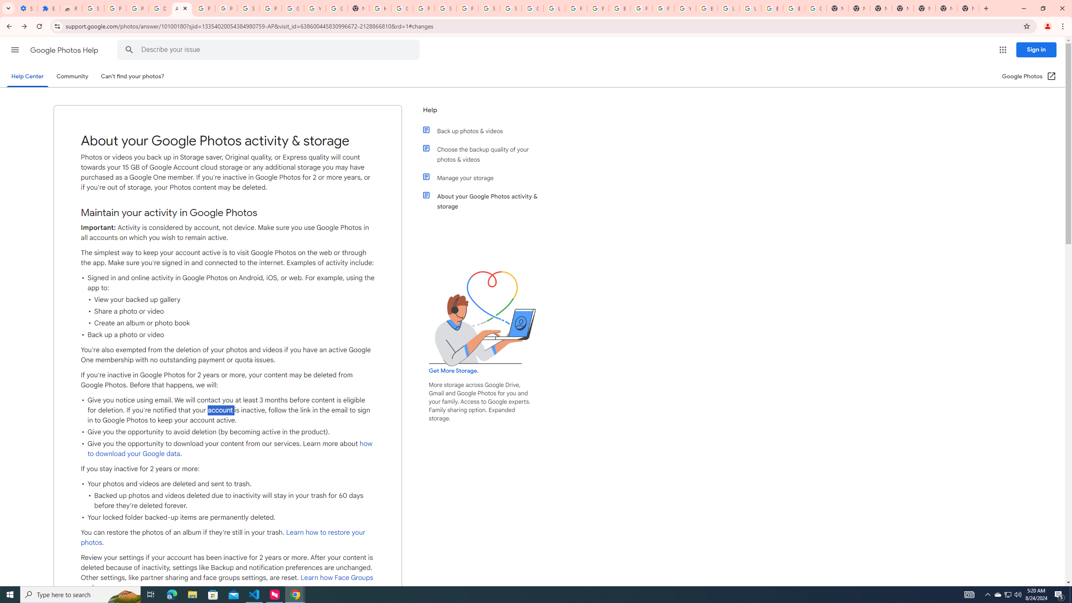 The height and width of the screenshot is (603, 1072). I want to click on 'Settings - On startup', so click(27, 8).